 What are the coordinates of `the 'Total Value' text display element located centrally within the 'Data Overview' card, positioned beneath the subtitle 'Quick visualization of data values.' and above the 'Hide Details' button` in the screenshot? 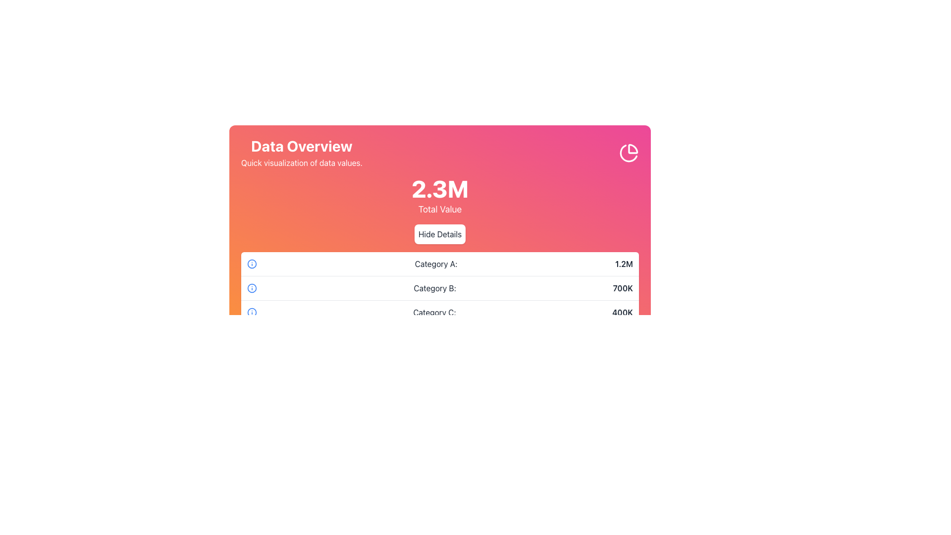 It's located at (439, 197).